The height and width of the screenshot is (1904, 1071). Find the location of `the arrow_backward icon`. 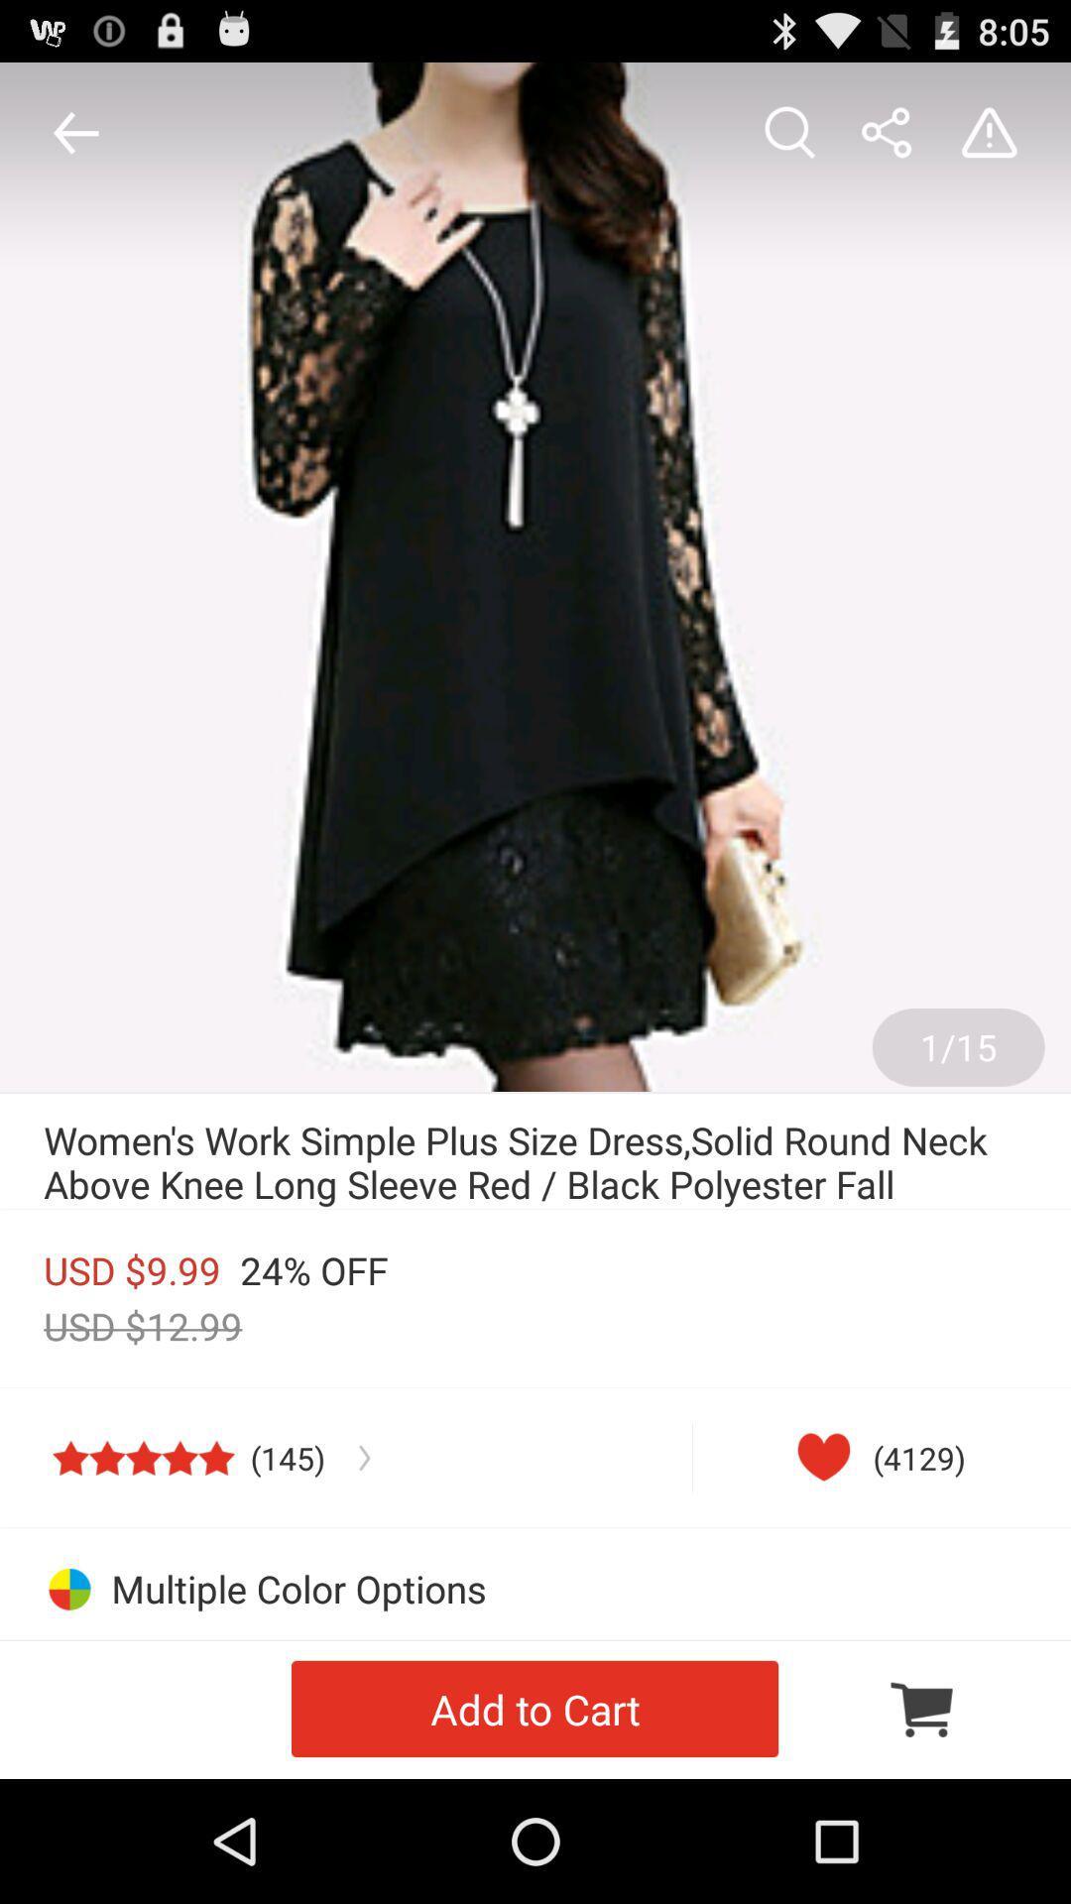

the arrow_backward icon is located at coordinates (69, 141).